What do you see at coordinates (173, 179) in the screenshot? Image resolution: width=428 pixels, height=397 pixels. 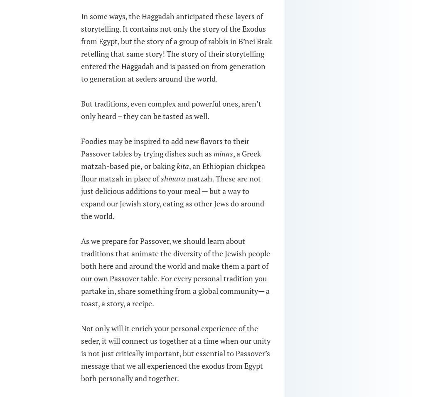 I see `'shmura'` at bounding box center [173, 179].